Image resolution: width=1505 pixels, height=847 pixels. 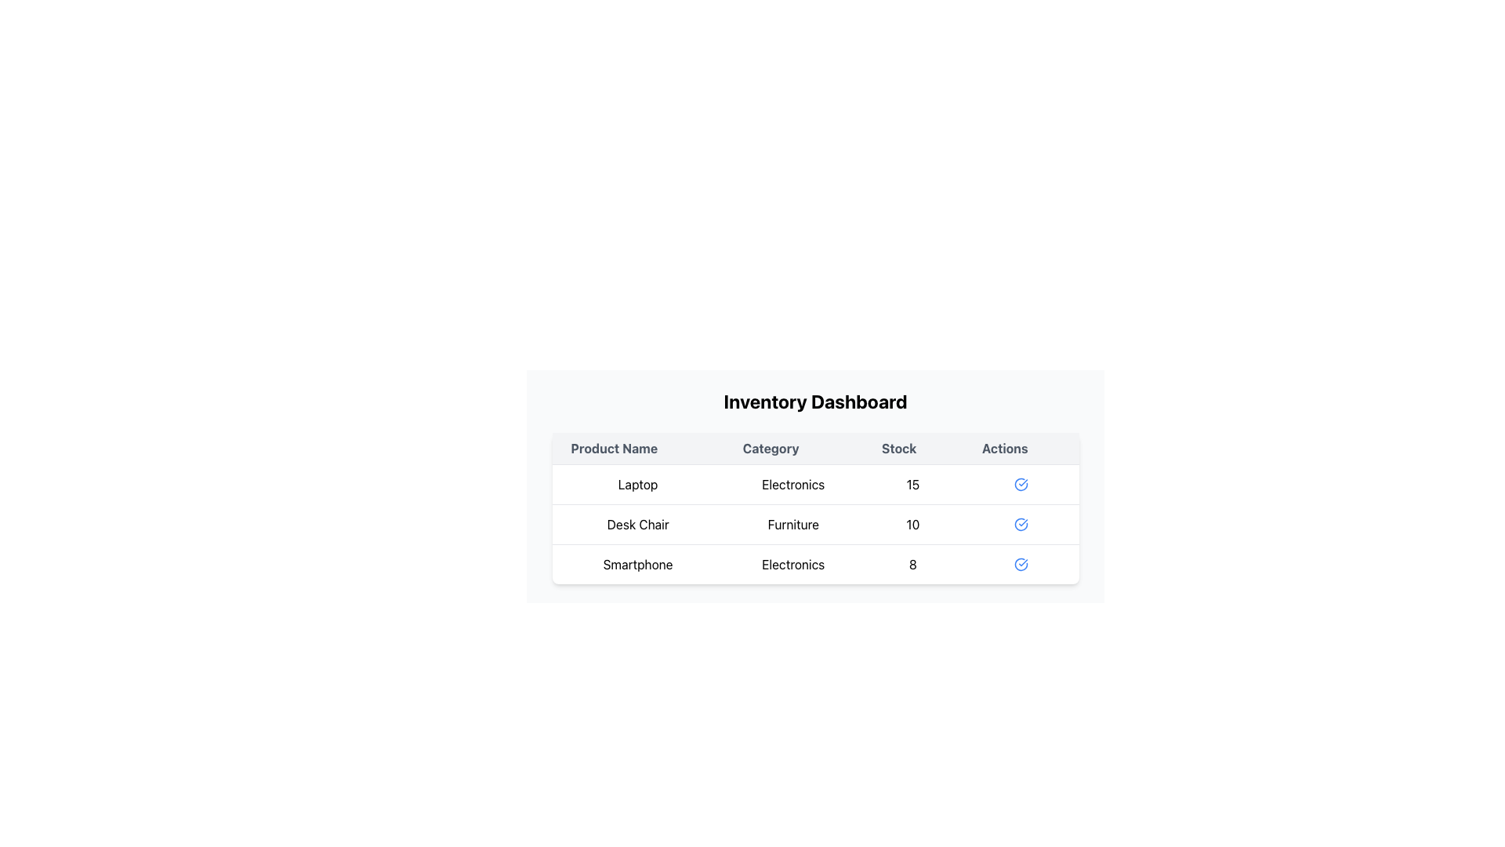 What do you see at coordinates (1021, 524) in the screenshot?
I see `the confirmation icon in the 'Actions' column of the 'Desk Chair' row` at bounding box center [1021, 524].